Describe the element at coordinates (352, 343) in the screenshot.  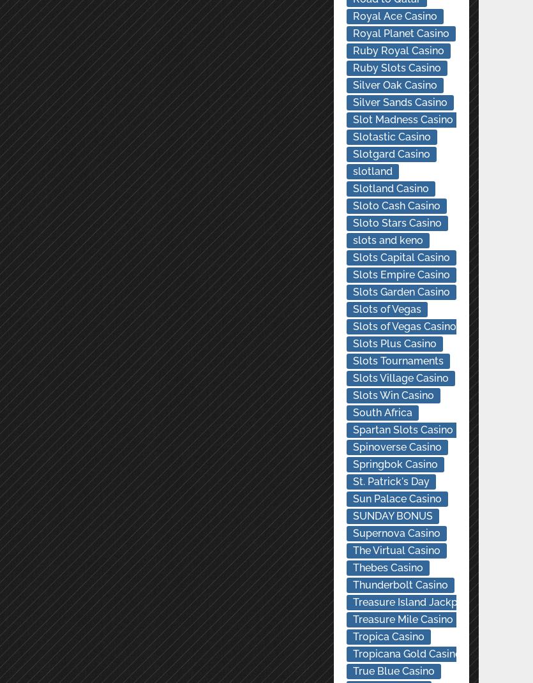
I see `'Slots Plus Casino'` at that location.